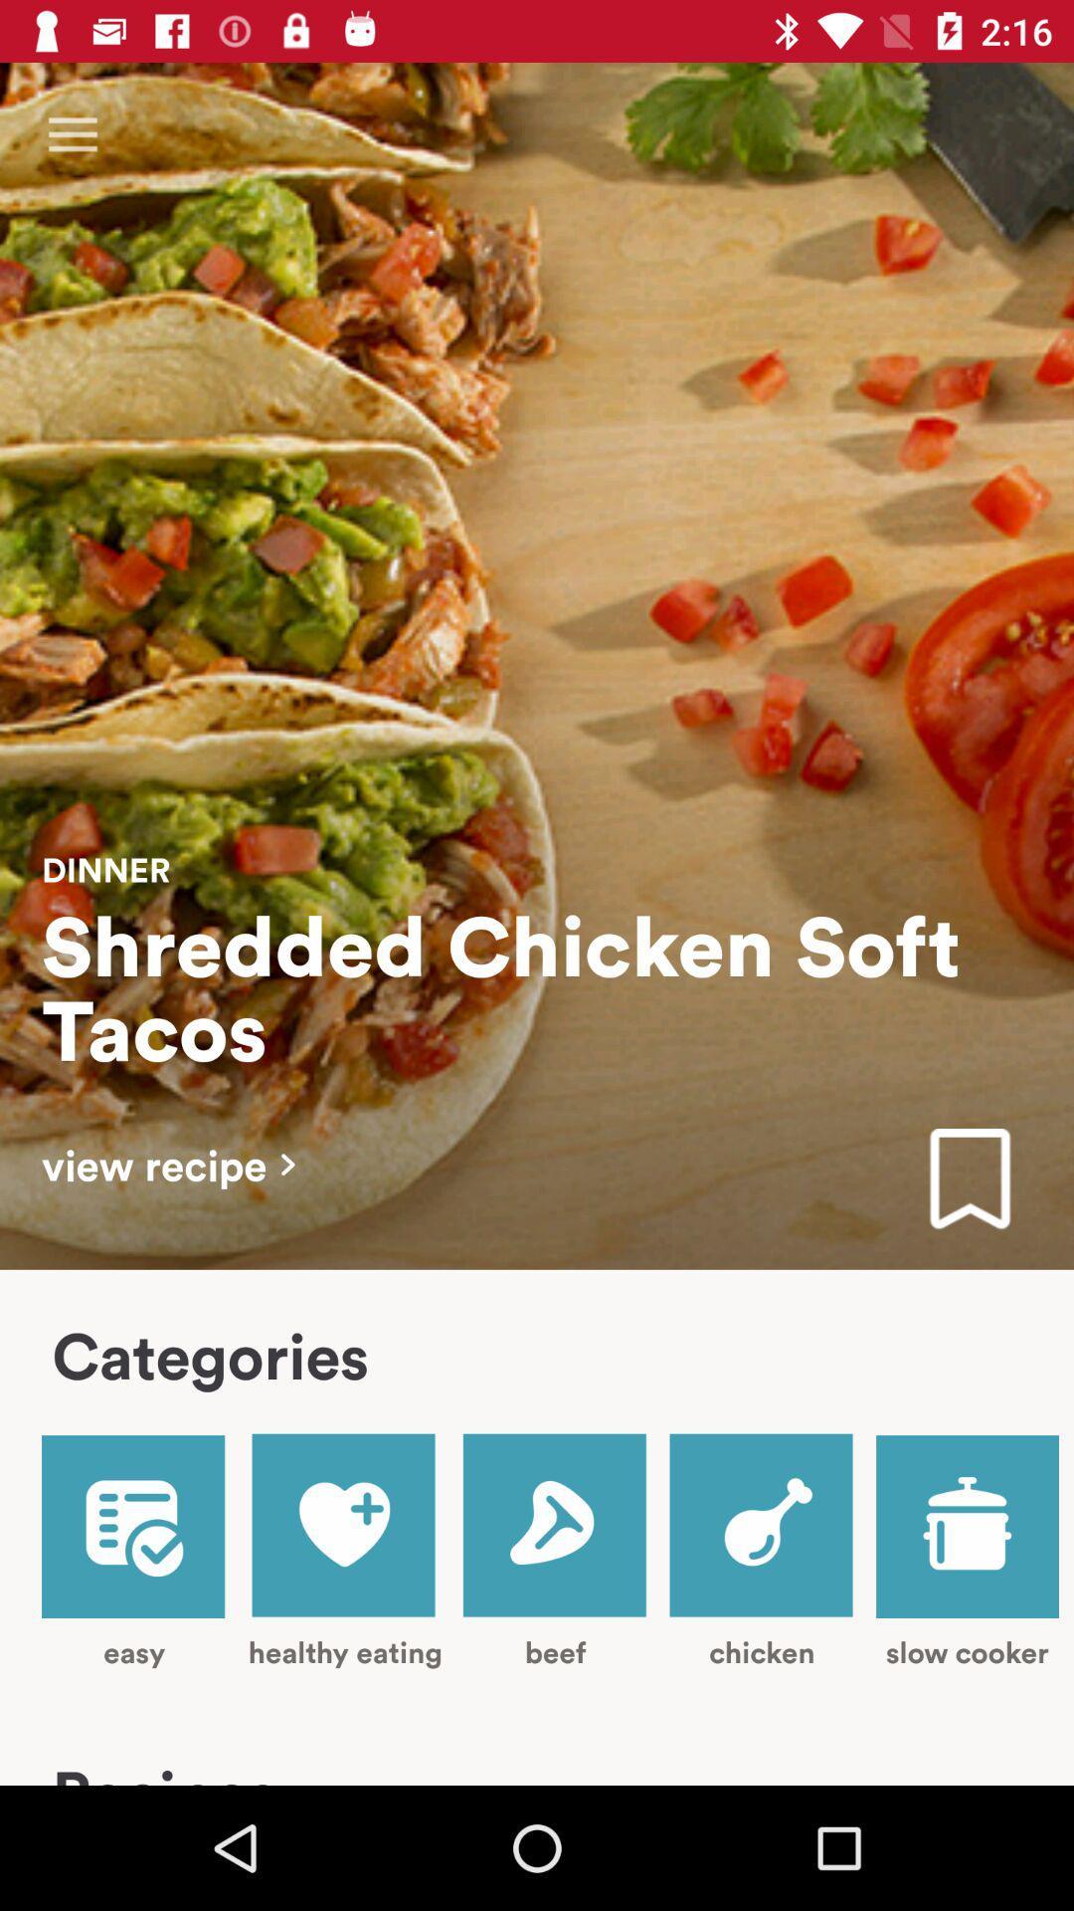  What do you see at coordinates (969, 1180) in the screenshot?
I see `item on the right` at bounding box center [969, 1180].